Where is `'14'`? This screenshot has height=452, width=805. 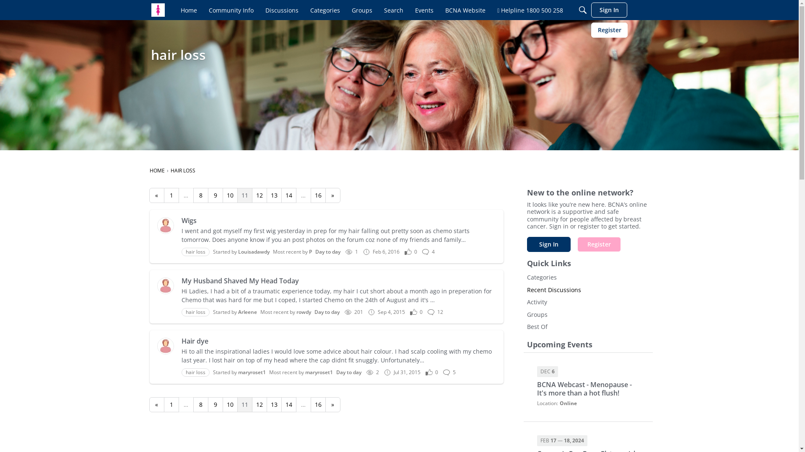
'14' is located at coordinates (288, 195).